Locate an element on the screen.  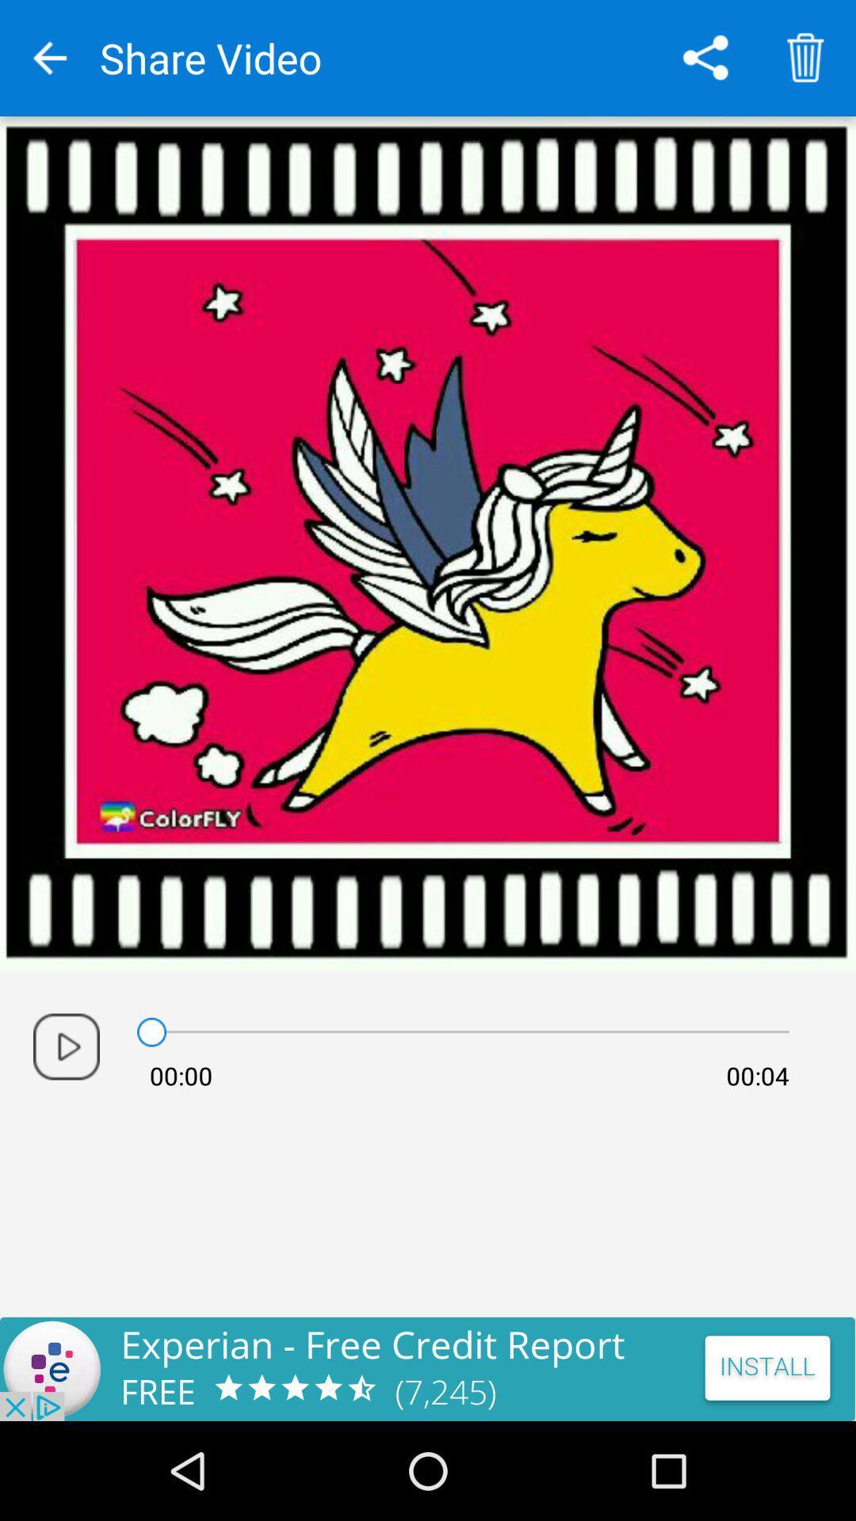
the play icon is located at coordinates (66, 1046).